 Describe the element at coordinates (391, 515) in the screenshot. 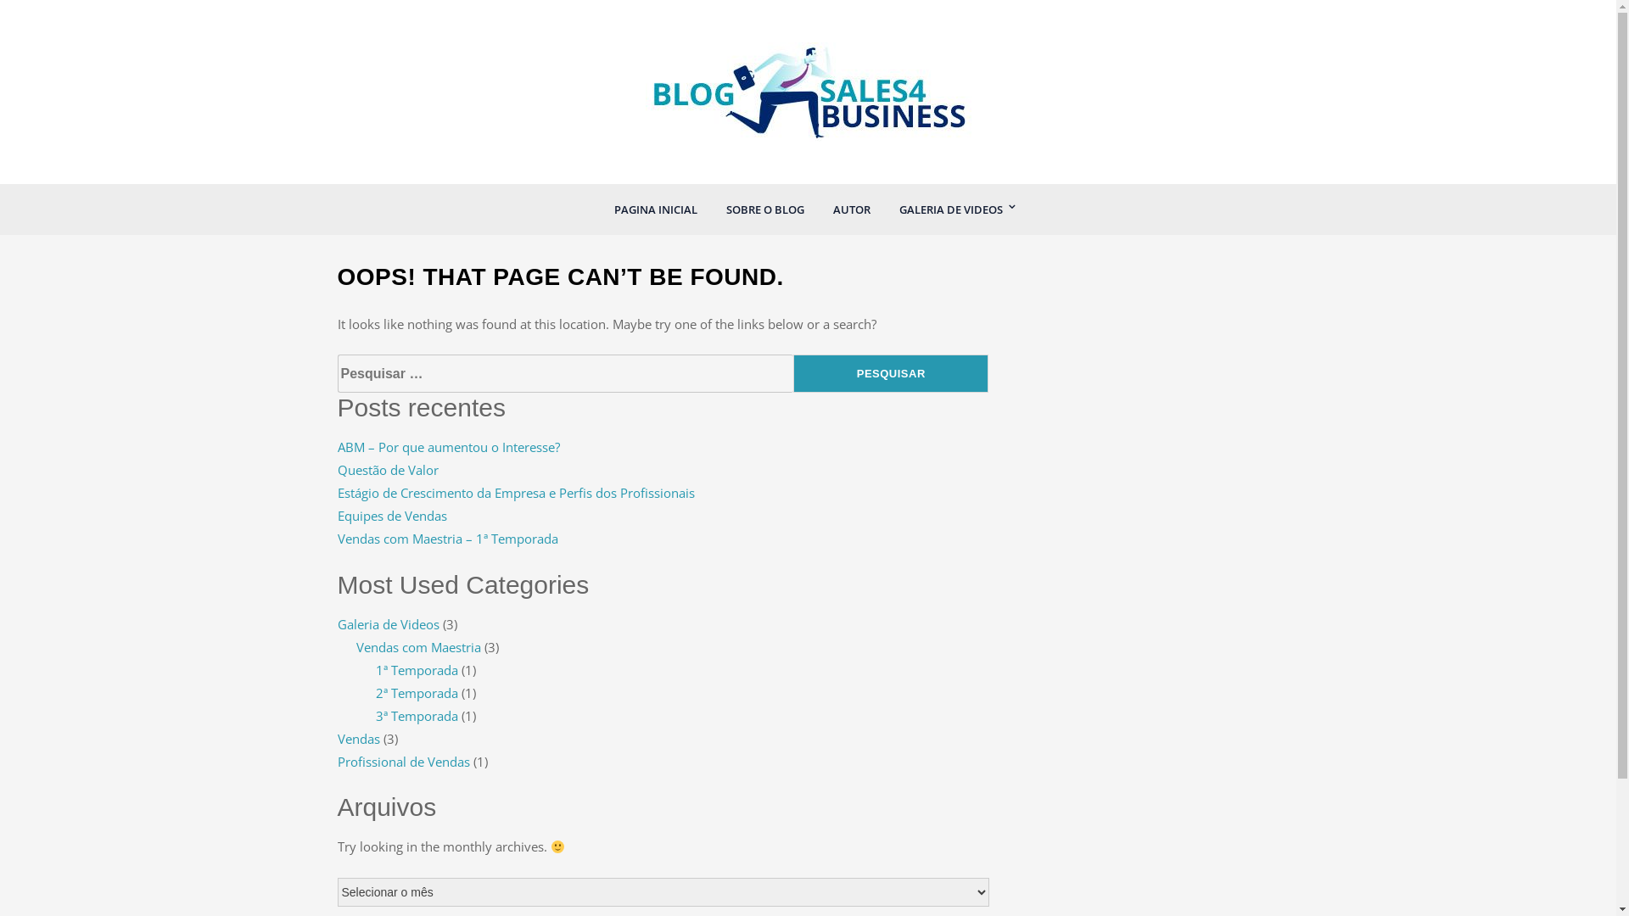

I see `'Equipes de Vendas'` at that location.